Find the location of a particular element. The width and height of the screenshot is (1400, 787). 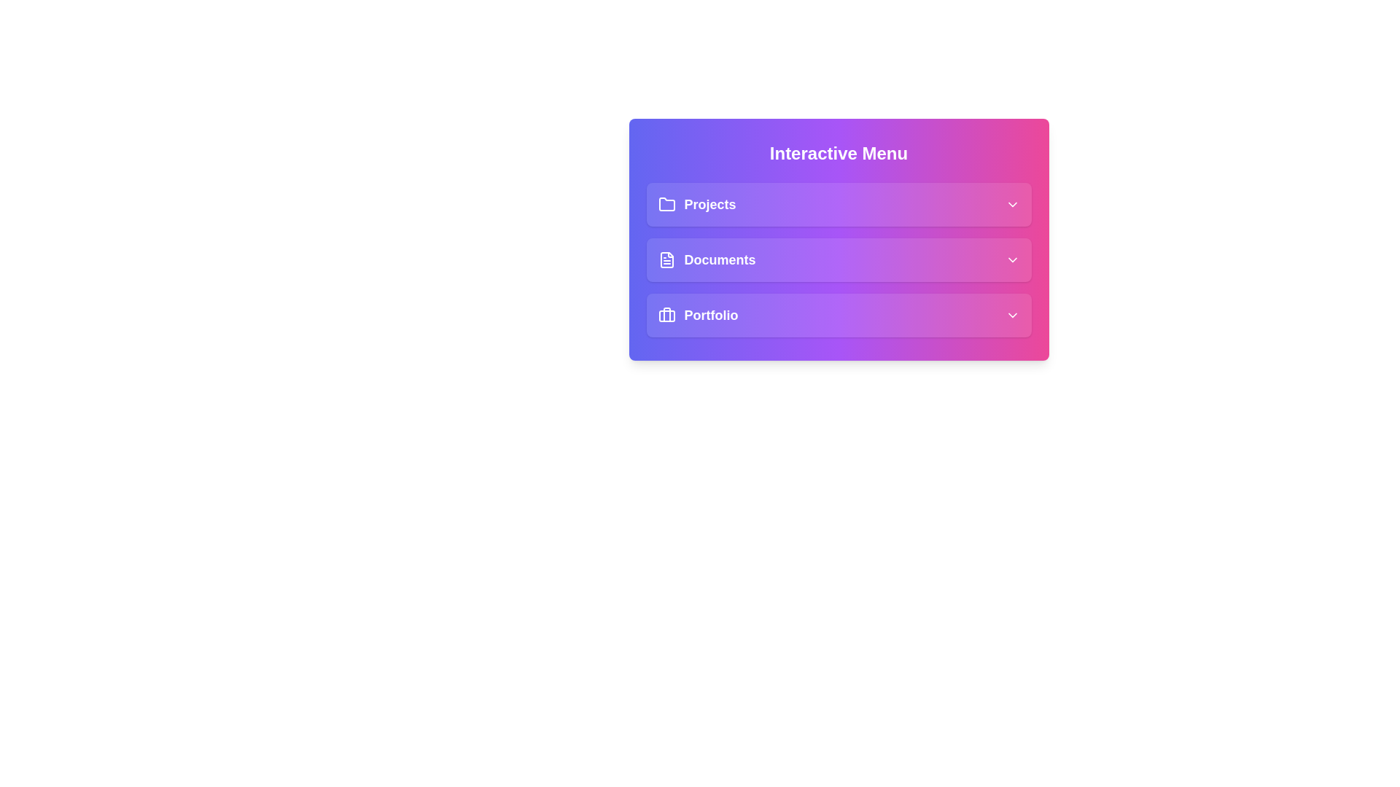

the 'Portfolio' menu item in the vertical navigation interface is located at coordinates (697, 314).